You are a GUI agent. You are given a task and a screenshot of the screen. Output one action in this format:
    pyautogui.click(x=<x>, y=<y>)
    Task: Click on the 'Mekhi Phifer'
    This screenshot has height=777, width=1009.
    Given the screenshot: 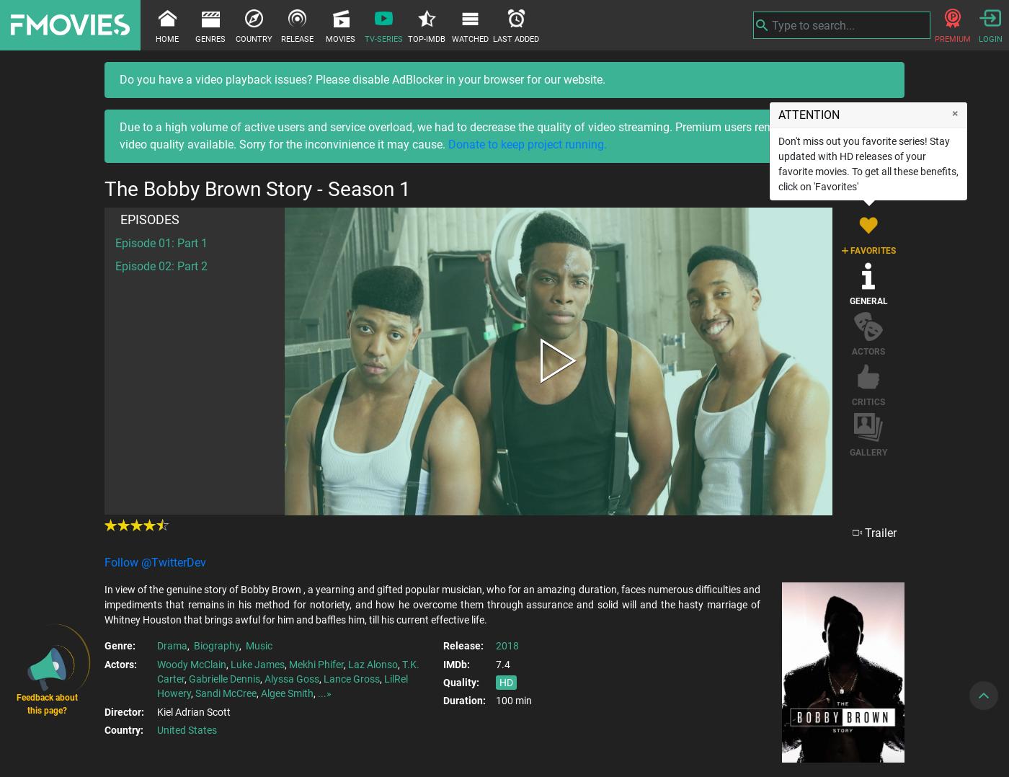 What is the action you would take?
    pyautogui.click(x=316, y=664)
    